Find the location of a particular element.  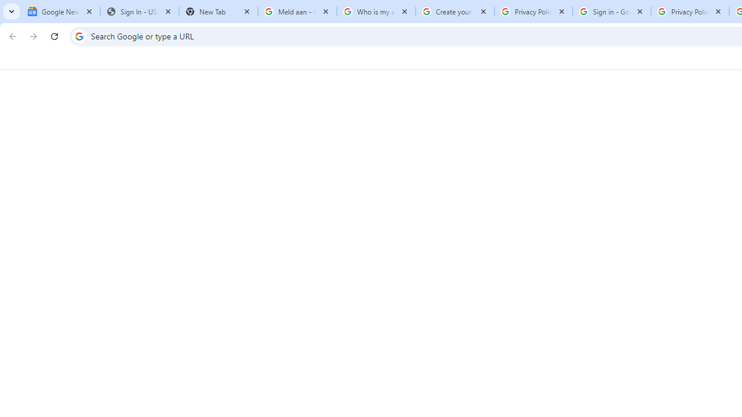

'Google News' is located at coordinates (60, 12).